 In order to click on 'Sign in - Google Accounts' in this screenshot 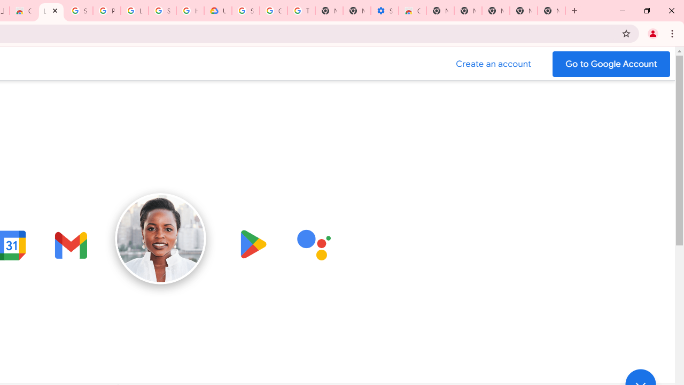, I will do `click(78, 11)`.